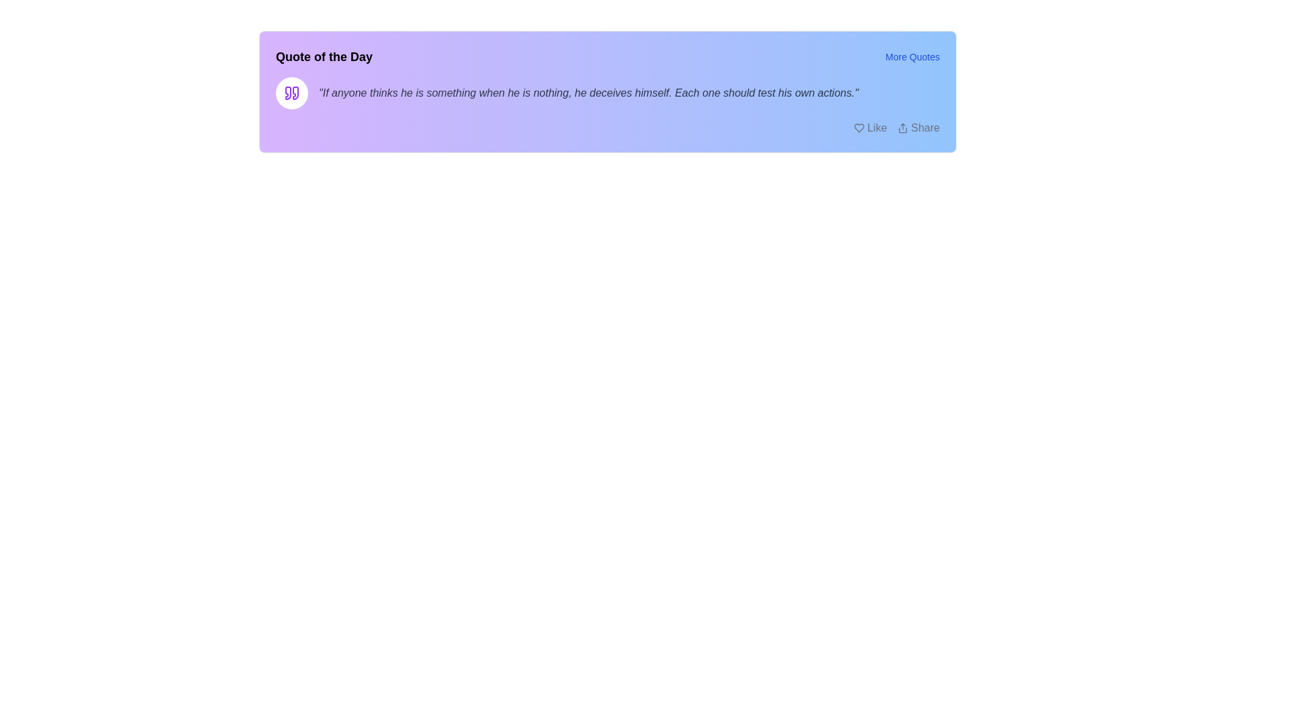  What do you see at coordinates (324, 56) in the screenshot?
I see `the header label indicating the section for daily quotes, which contains the text 'More Quotes' on its right side` at bounding box center [324, 56].